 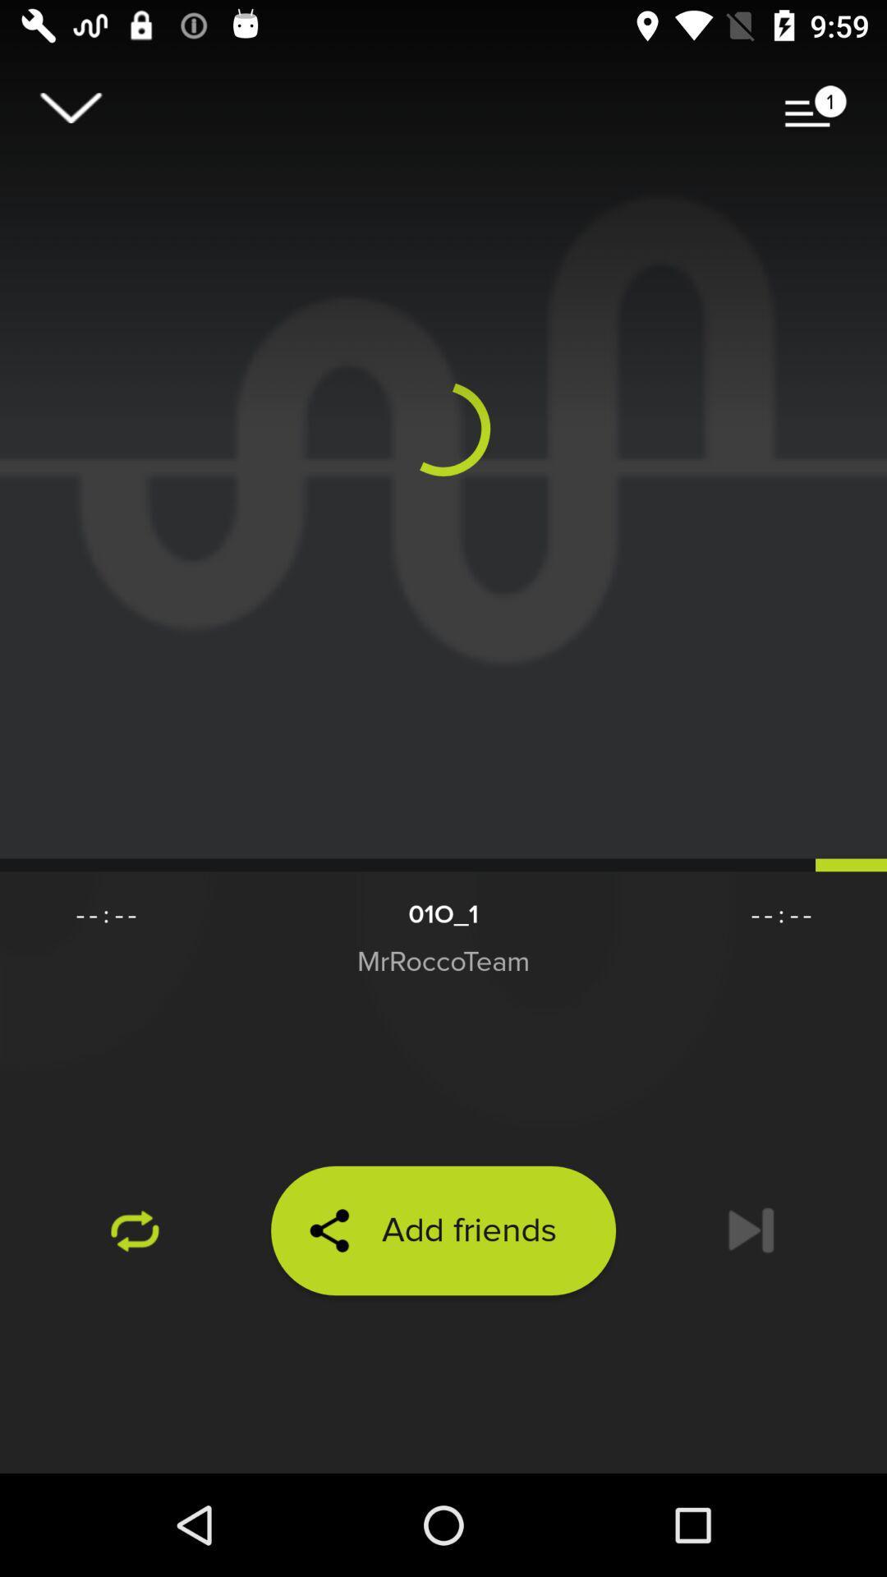 What do you see at coordinates (816, 107) in the screenshot?
I see `the playlist icon` at bounding box center [816, 107].